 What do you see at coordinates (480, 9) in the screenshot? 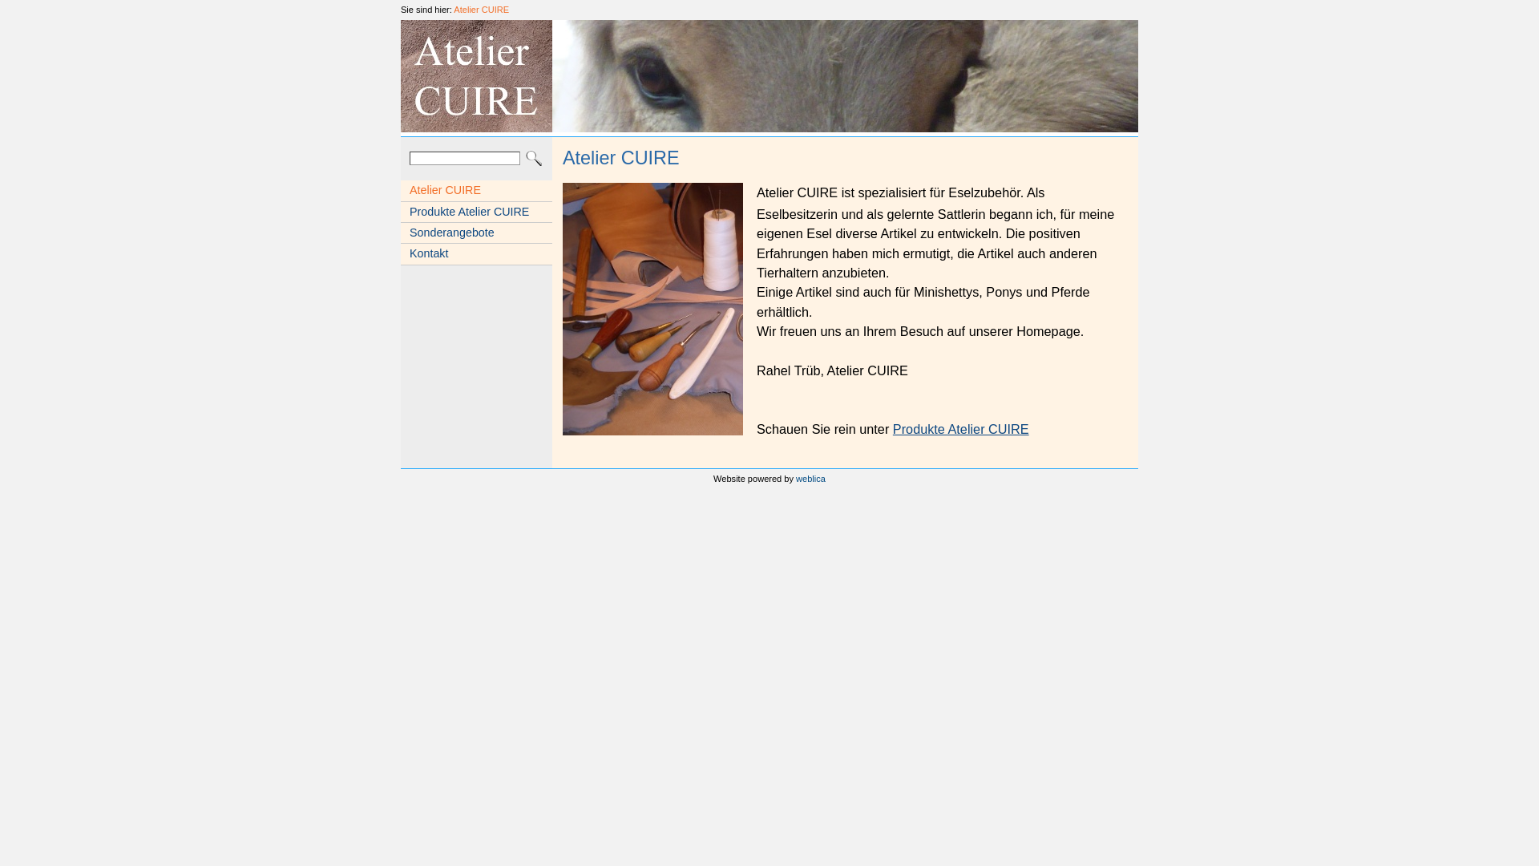
I see `'Atelier CUIRE'` at bounding box center [480, 9].